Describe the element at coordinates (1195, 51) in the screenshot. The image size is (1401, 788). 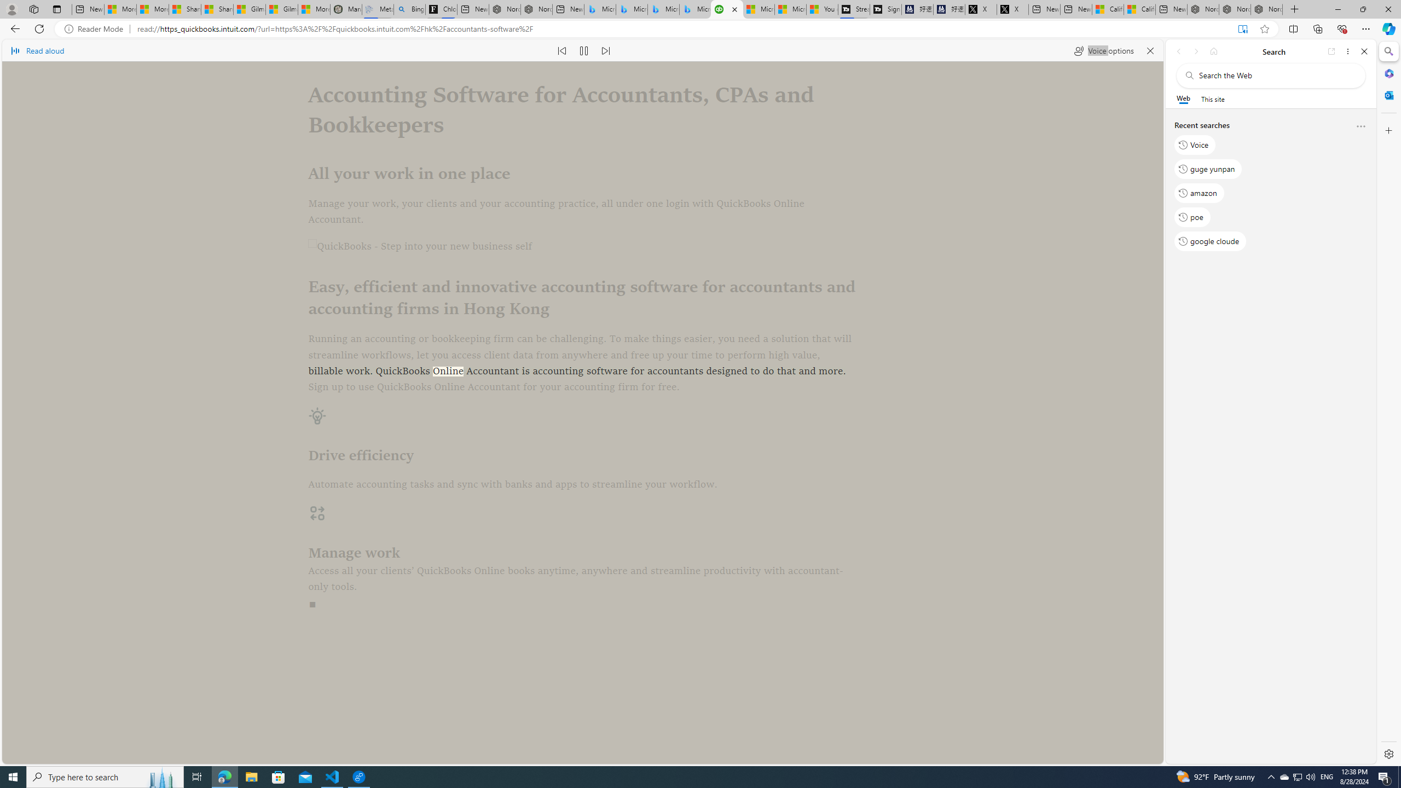
I see `'Forward'` at that location.